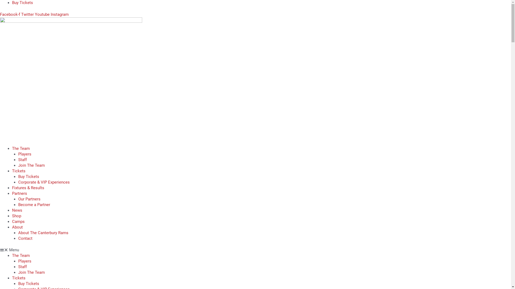 The height and width of the screenshot is (289, 515). What do you see at coordinates (12, 187) in the screenshot?
I see `'Fixtures & Results'` at bounding box center [12, 187].